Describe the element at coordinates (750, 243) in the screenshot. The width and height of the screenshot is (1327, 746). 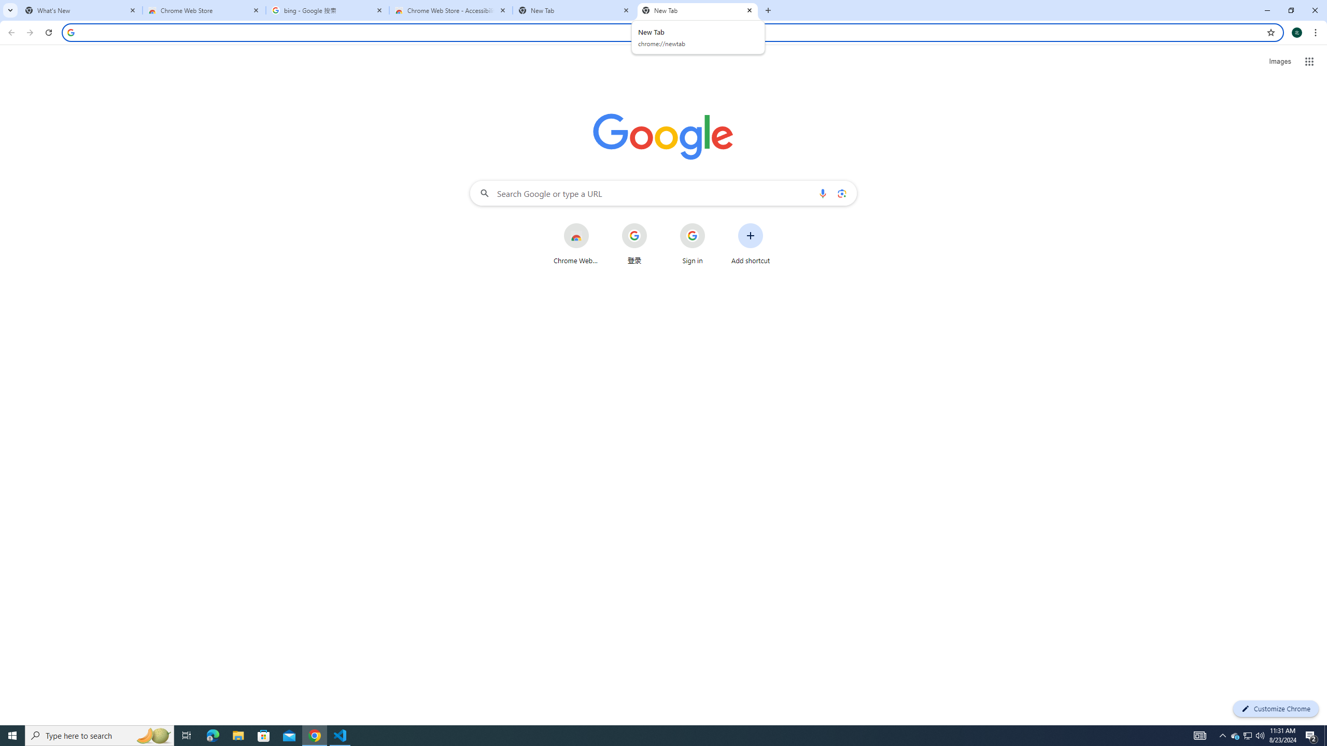
I see `'Add shortcut'` at that location.